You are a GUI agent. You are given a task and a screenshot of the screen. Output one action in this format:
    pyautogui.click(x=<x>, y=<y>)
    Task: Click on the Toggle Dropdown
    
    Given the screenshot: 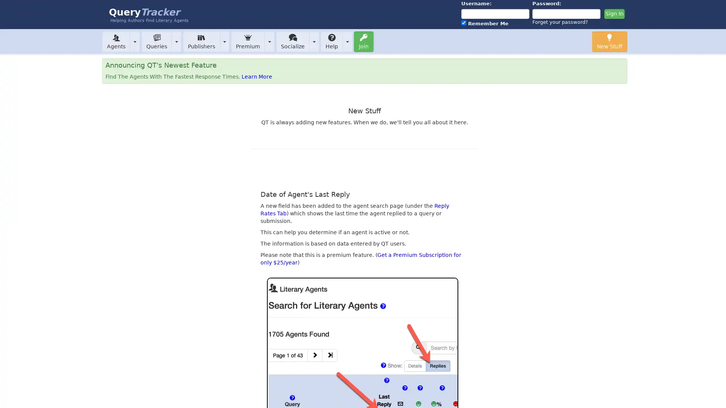 What is the action you would take?
    pyautogui.click(x=176, y=41)
    